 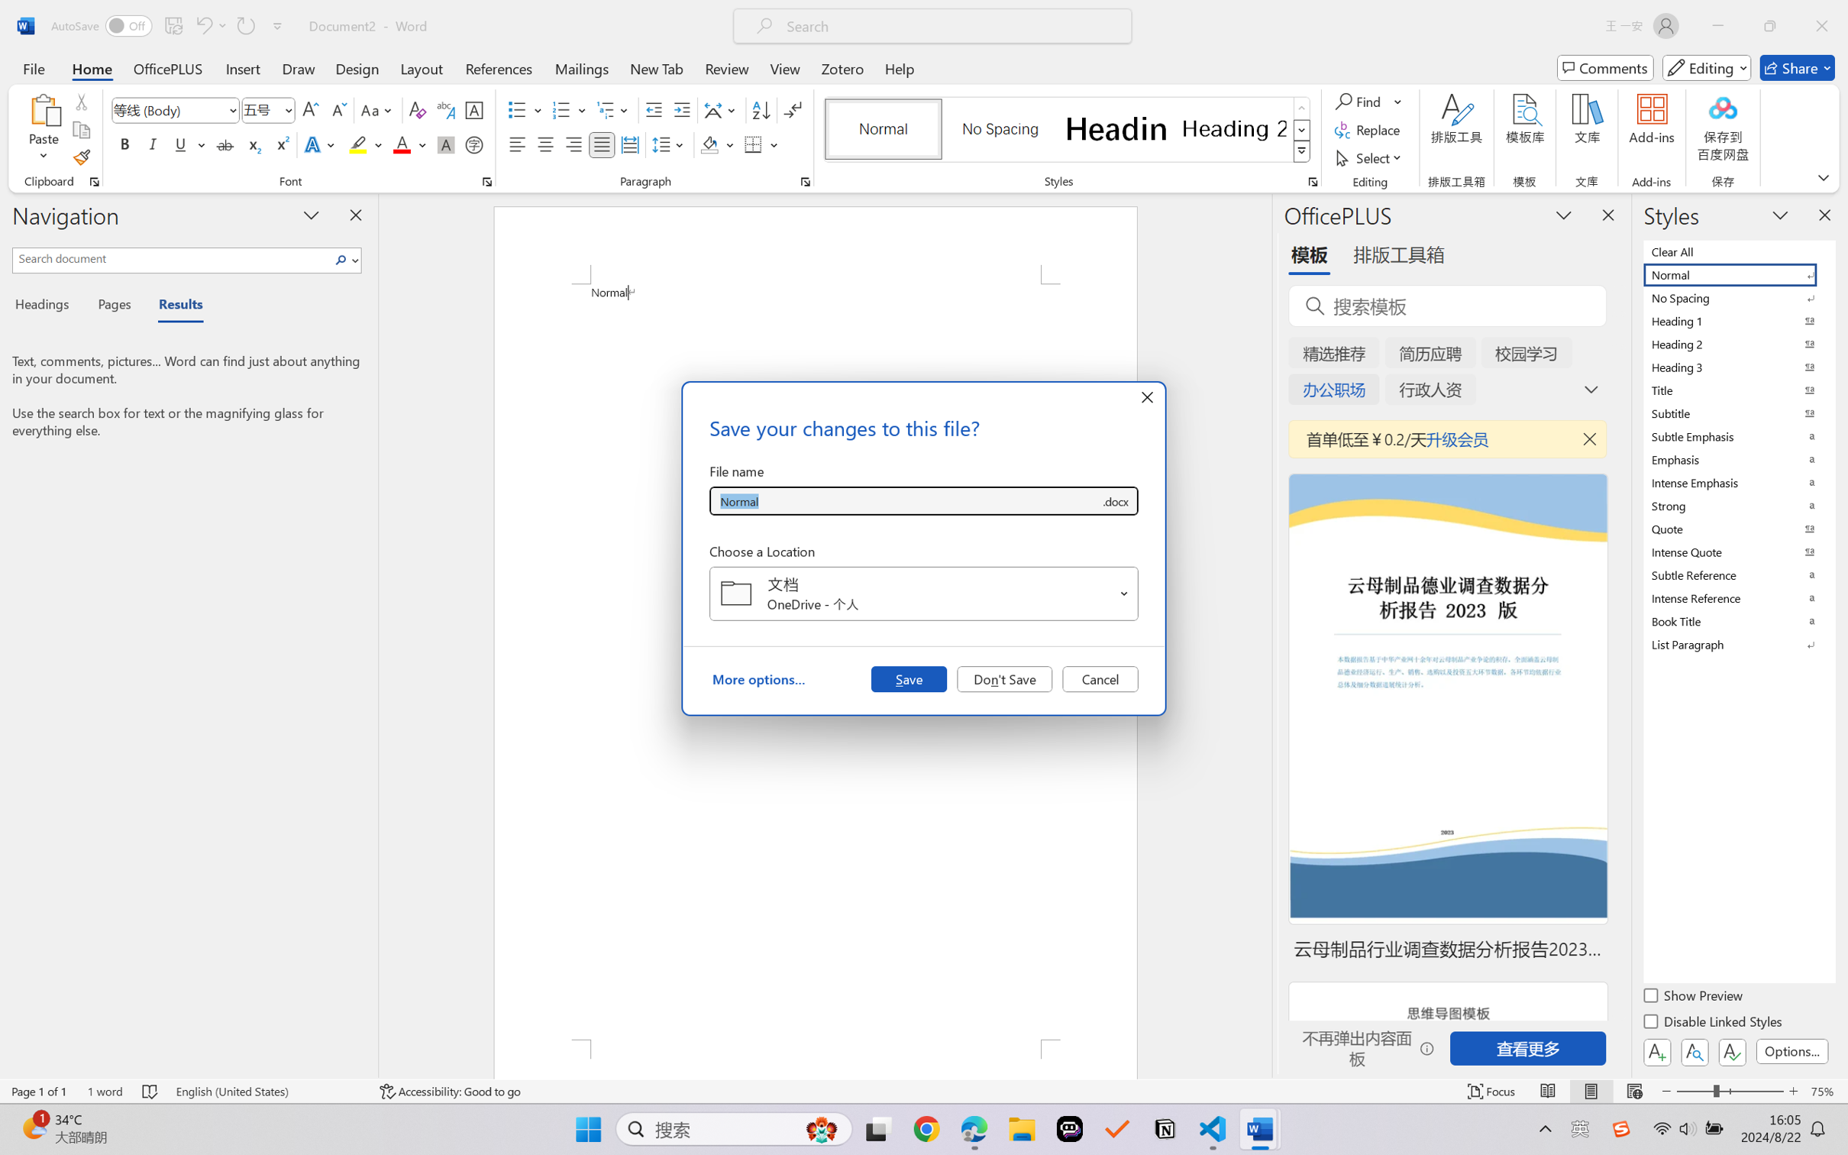 I want to click on 'Distributed', so click(x=628, y=144).